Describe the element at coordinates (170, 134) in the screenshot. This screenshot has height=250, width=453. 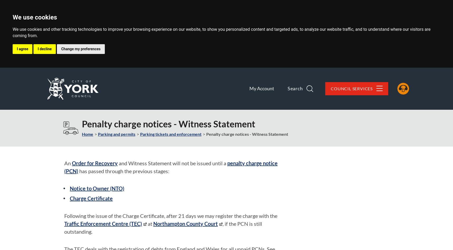
I see `'Parking tickets and enforcement'` at that location.